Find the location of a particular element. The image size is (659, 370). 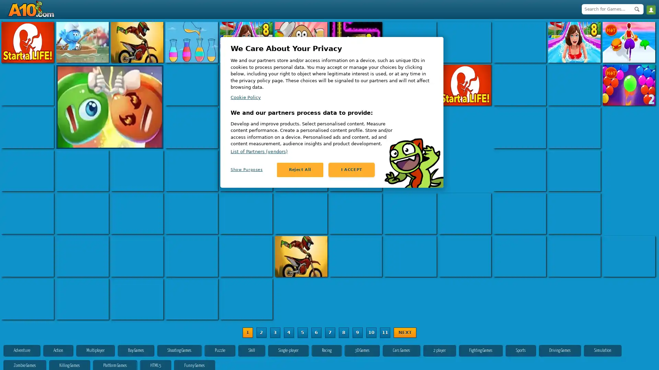

I ACCEPT is located at coordinates (351, 169).